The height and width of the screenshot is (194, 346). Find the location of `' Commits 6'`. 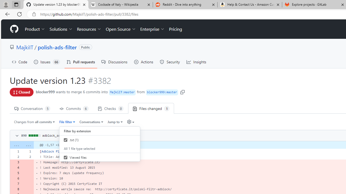

' Commits 6' is located at coordinates (74, 108).